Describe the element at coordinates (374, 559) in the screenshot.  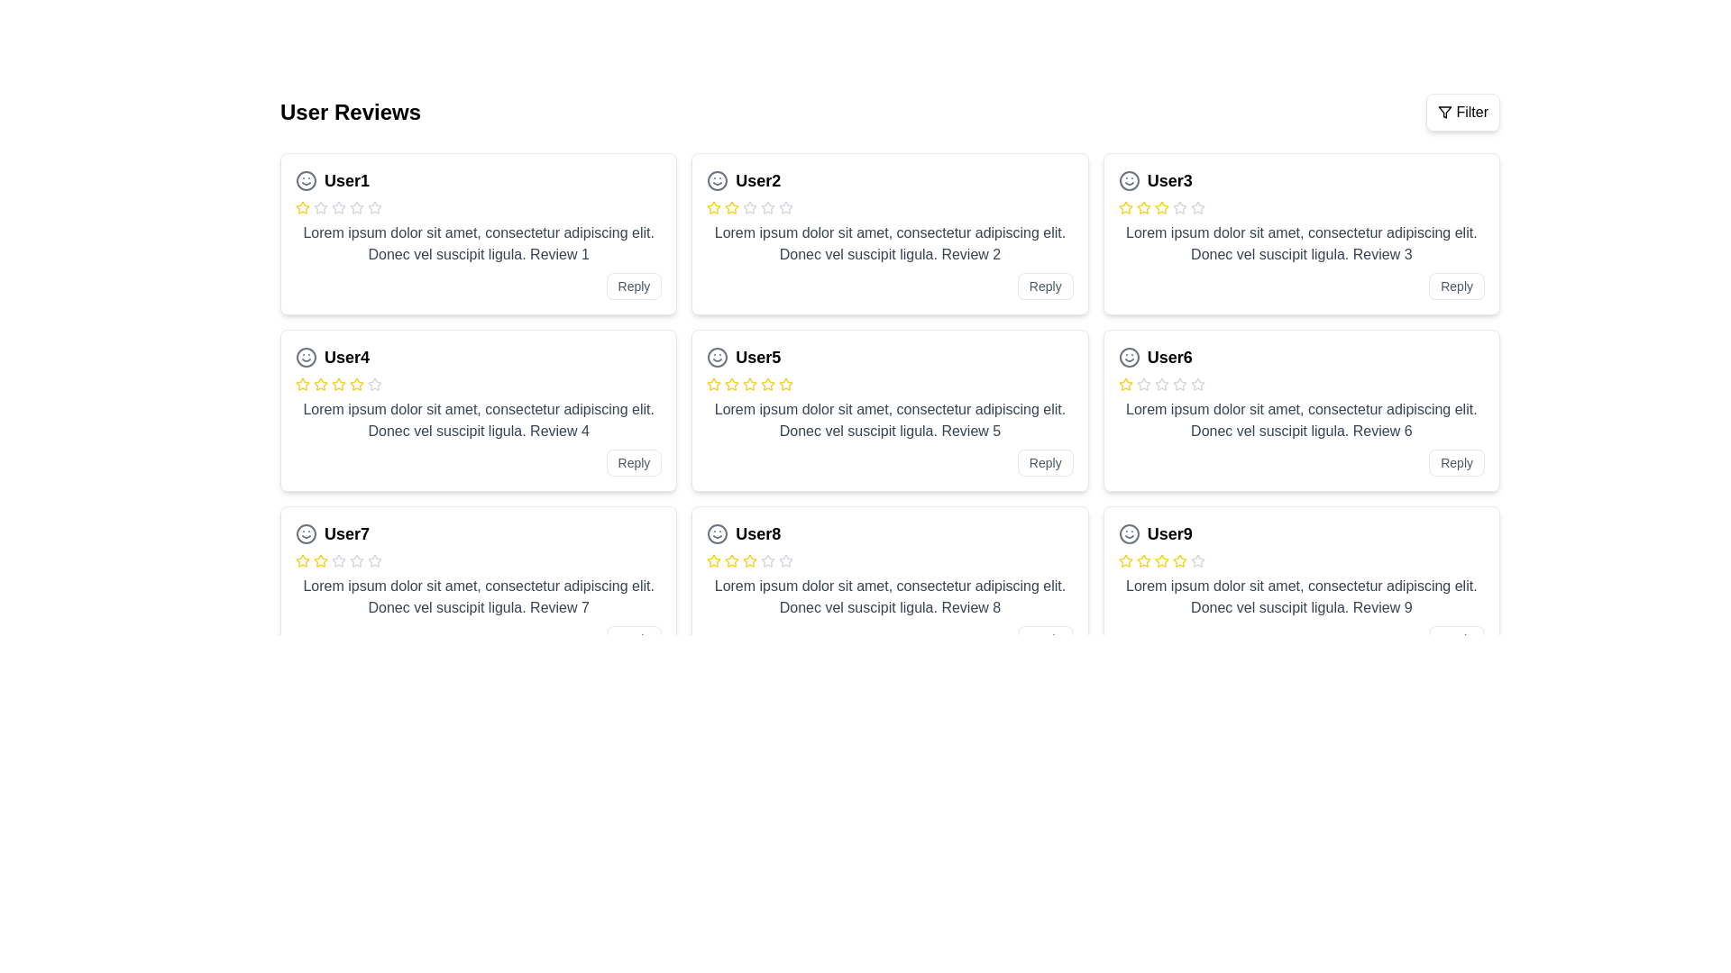
I see `the second star icon in the rating system for accessibility interactions` at that location.